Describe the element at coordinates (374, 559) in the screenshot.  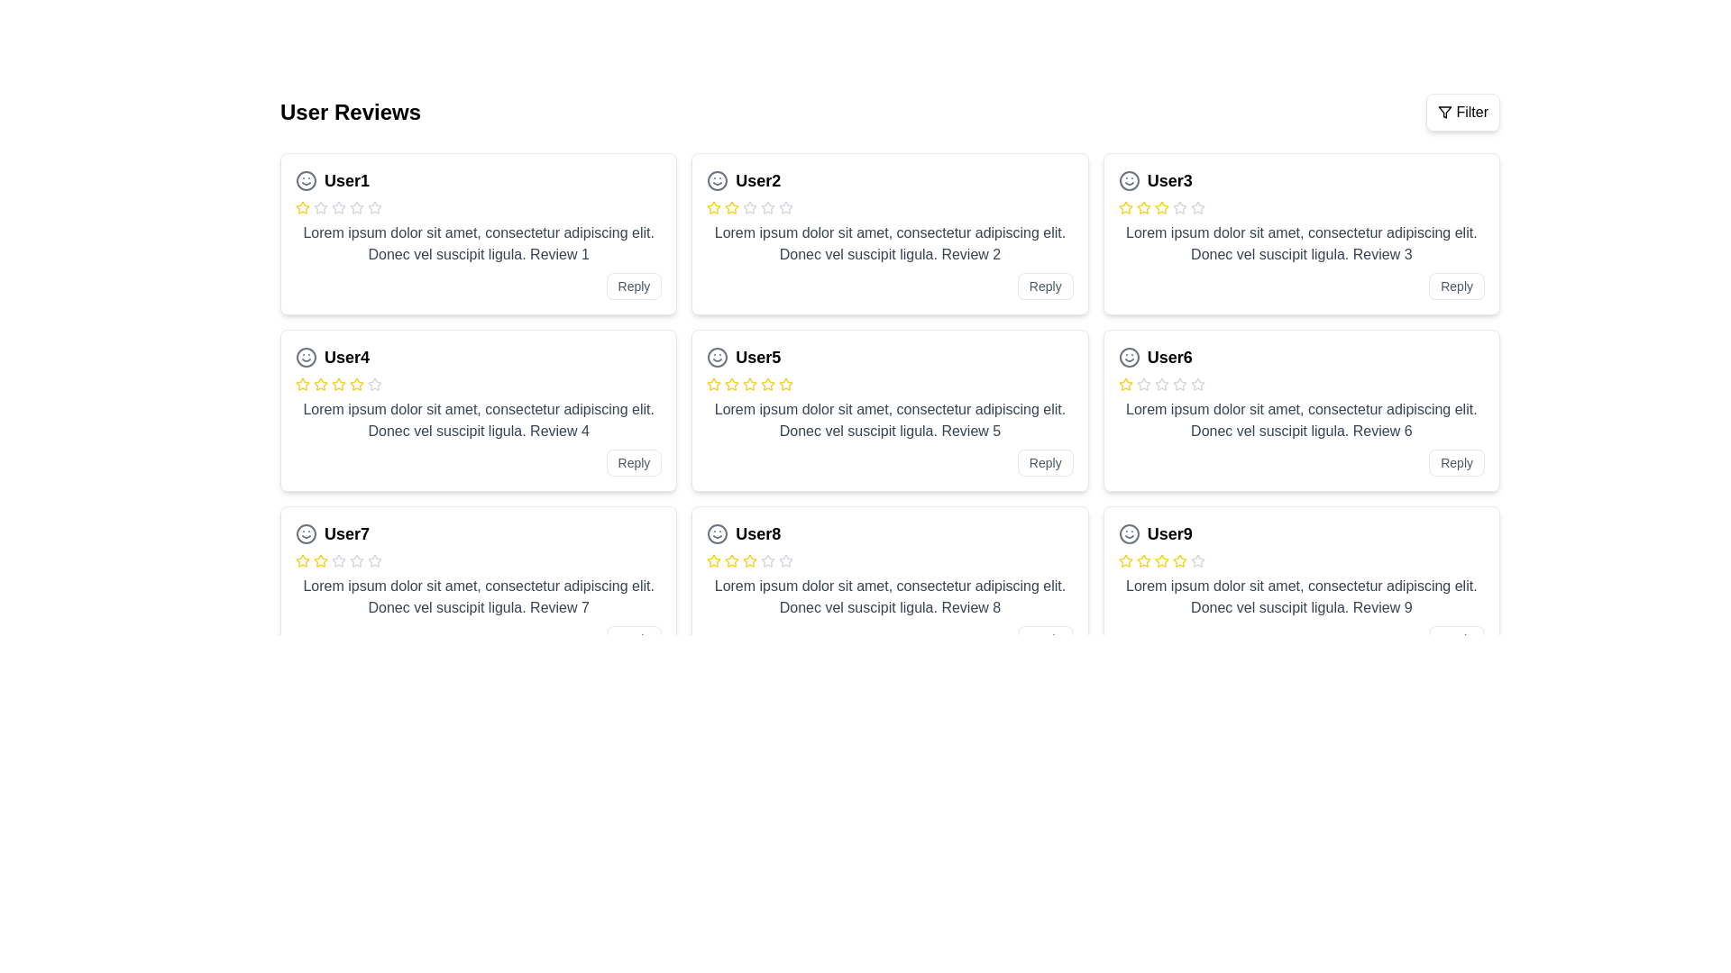
I see `the second star icon in the rating system for accessibility interactions` at that location.